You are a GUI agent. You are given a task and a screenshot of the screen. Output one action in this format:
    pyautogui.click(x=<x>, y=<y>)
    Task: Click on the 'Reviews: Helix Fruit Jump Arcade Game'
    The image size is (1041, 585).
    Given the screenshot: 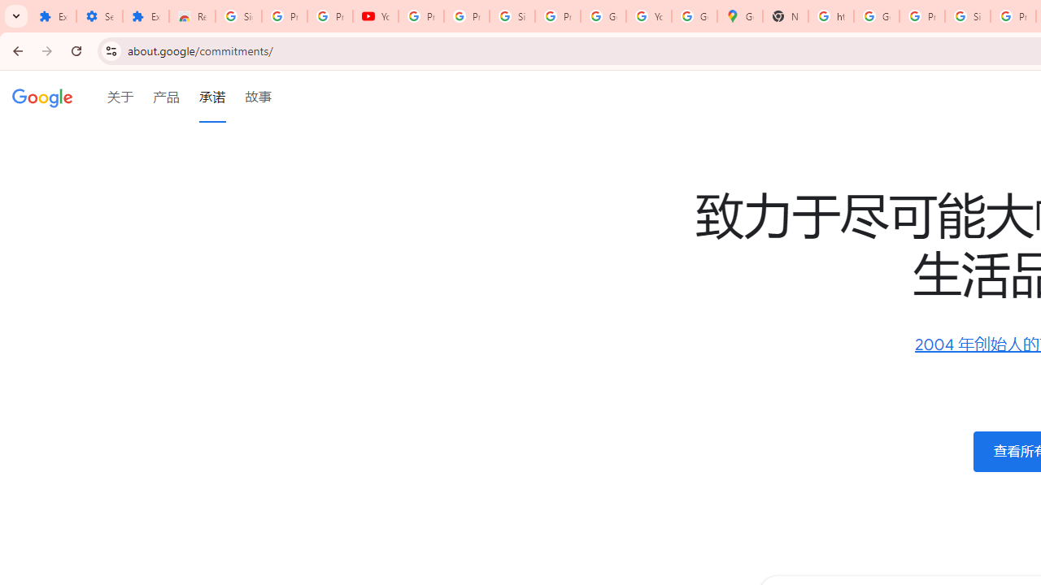 What is the action you would take?
    pyautogui.click(x=192, y=16)
    